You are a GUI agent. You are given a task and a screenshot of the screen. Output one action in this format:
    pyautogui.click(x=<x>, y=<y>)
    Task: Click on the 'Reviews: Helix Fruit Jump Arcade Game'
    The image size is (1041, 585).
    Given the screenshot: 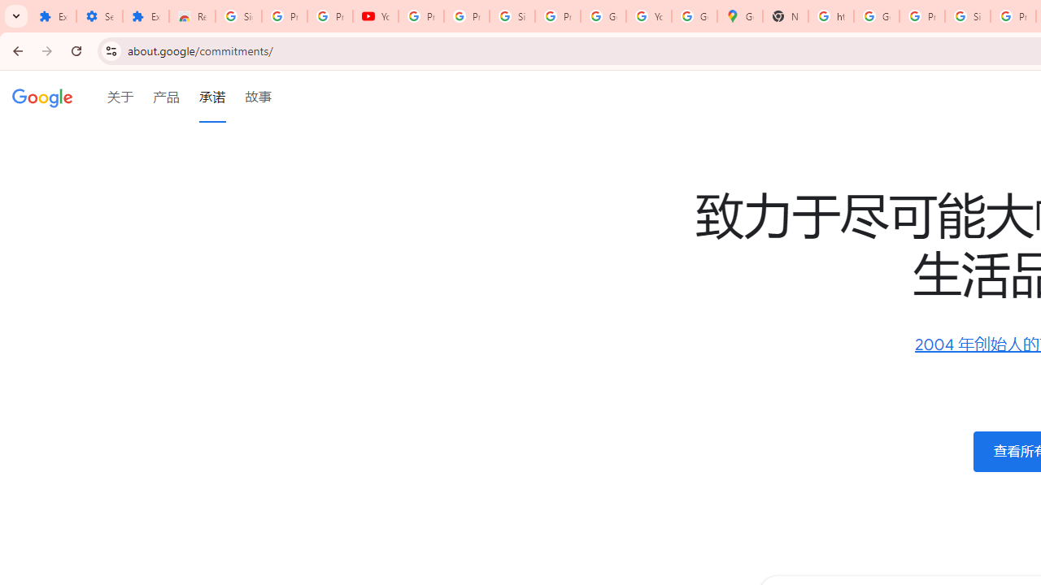 What is the action you would take?
    pyautogui.click(x=192, y=16)
    